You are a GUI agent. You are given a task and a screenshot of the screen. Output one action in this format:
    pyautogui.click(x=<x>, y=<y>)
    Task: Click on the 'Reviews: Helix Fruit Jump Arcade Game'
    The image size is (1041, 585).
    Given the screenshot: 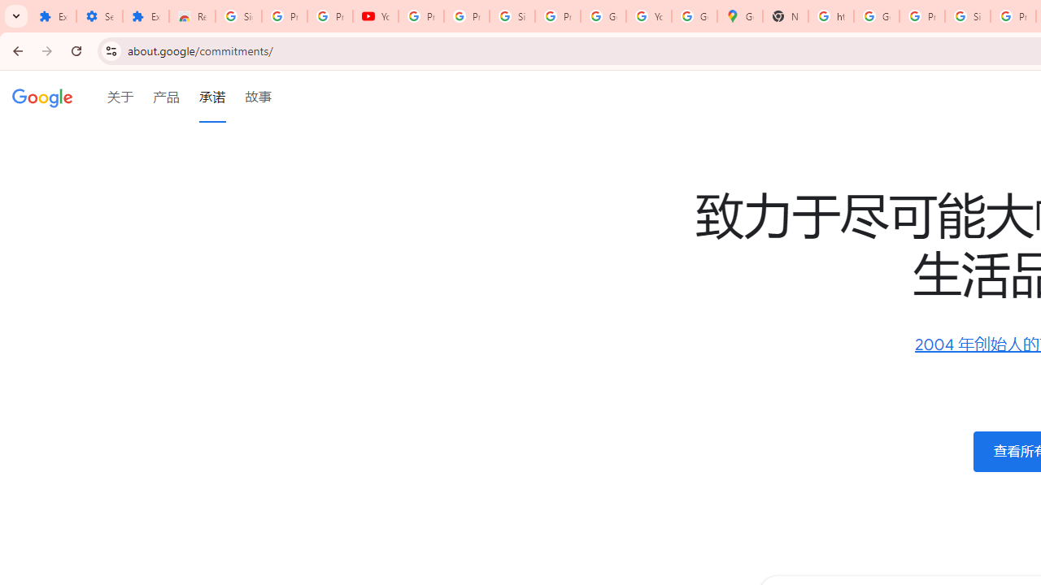 What is the action you would take?
    pyautogui.click(x=192, y=16)
    